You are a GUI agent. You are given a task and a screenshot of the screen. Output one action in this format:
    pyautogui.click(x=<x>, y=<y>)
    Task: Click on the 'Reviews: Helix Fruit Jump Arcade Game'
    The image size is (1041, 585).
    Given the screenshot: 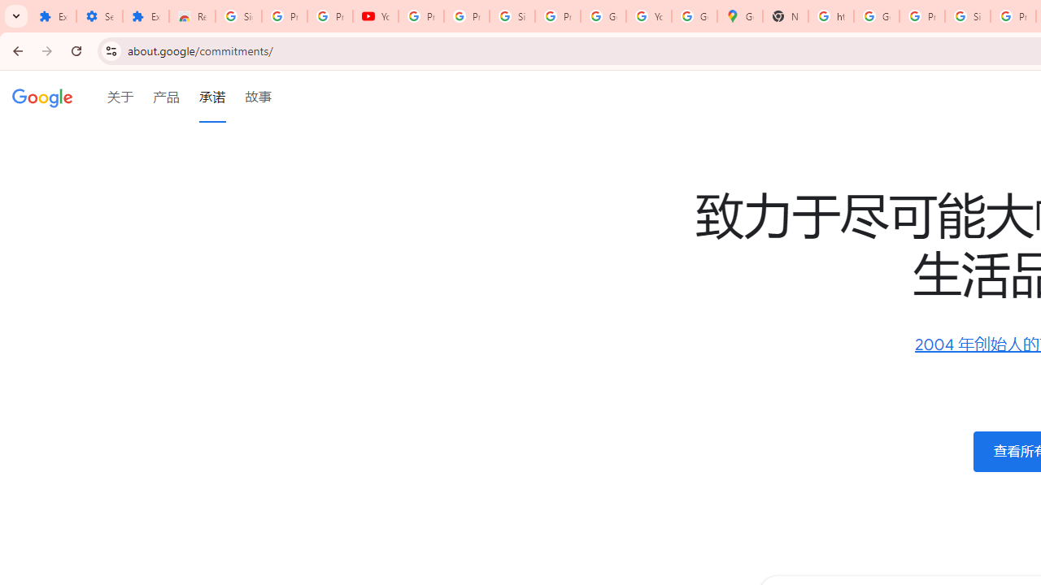 What is the action you would take?
    pyautogui.click(x=192, y=16)
    